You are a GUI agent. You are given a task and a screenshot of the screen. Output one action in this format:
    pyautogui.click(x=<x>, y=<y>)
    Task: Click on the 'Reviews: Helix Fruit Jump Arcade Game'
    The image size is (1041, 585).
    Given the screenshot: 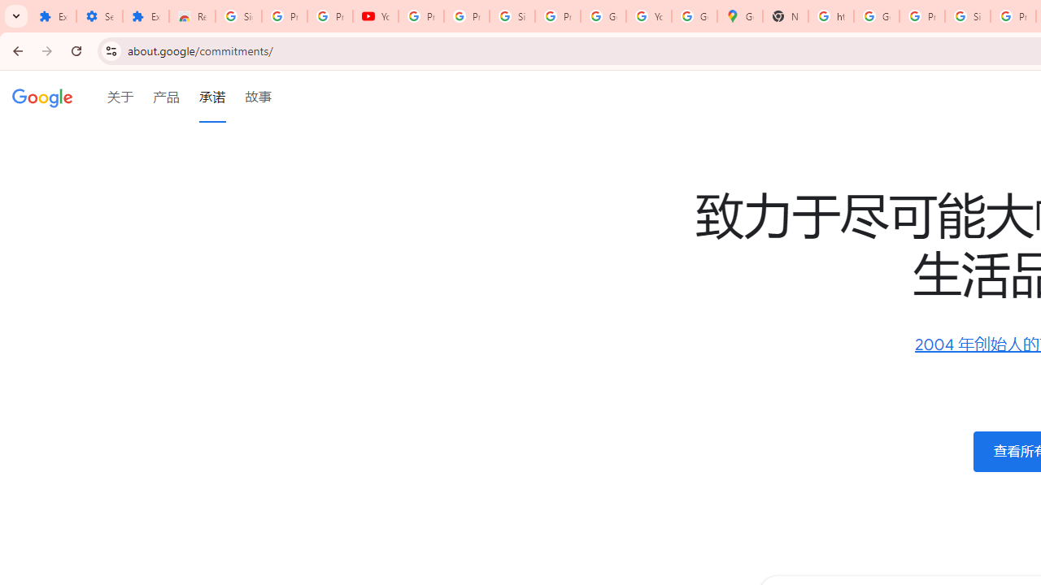 What is the action you would take?
    pyautogui.click(x=192, y=16)
    